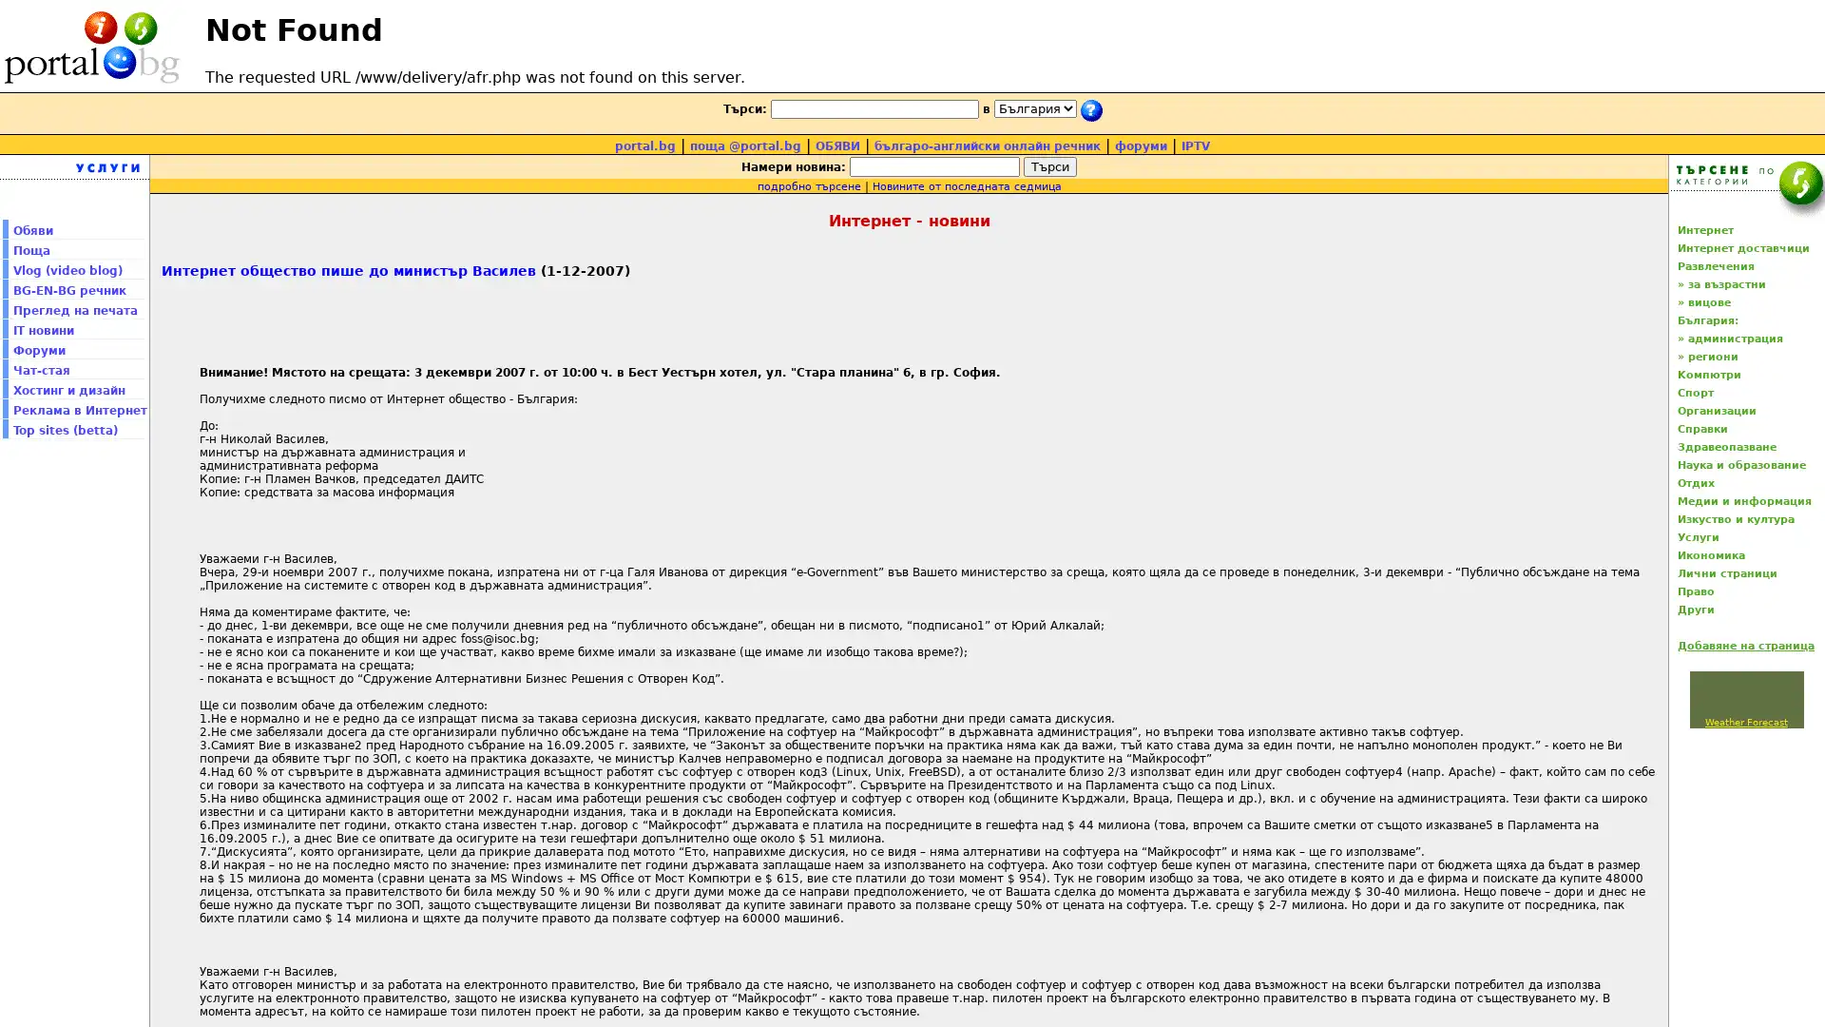 The width and height of the screenshot is (1825, 1027). I want to click on submit, so click(1090, 110).